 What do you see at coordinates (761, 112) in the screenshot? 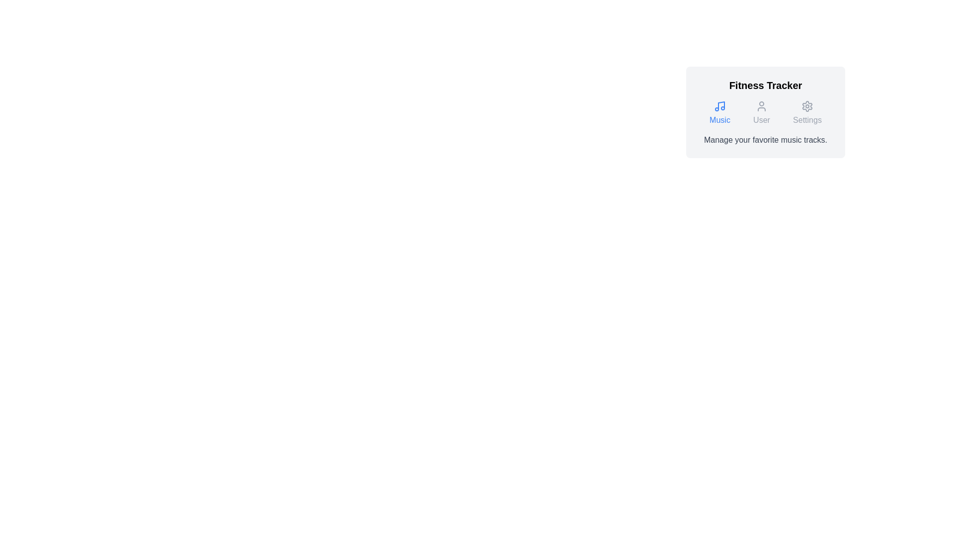
I see `the 'User' button, which is represented by an icon of a person above the label 'User'` at bounding box center [761, 112].